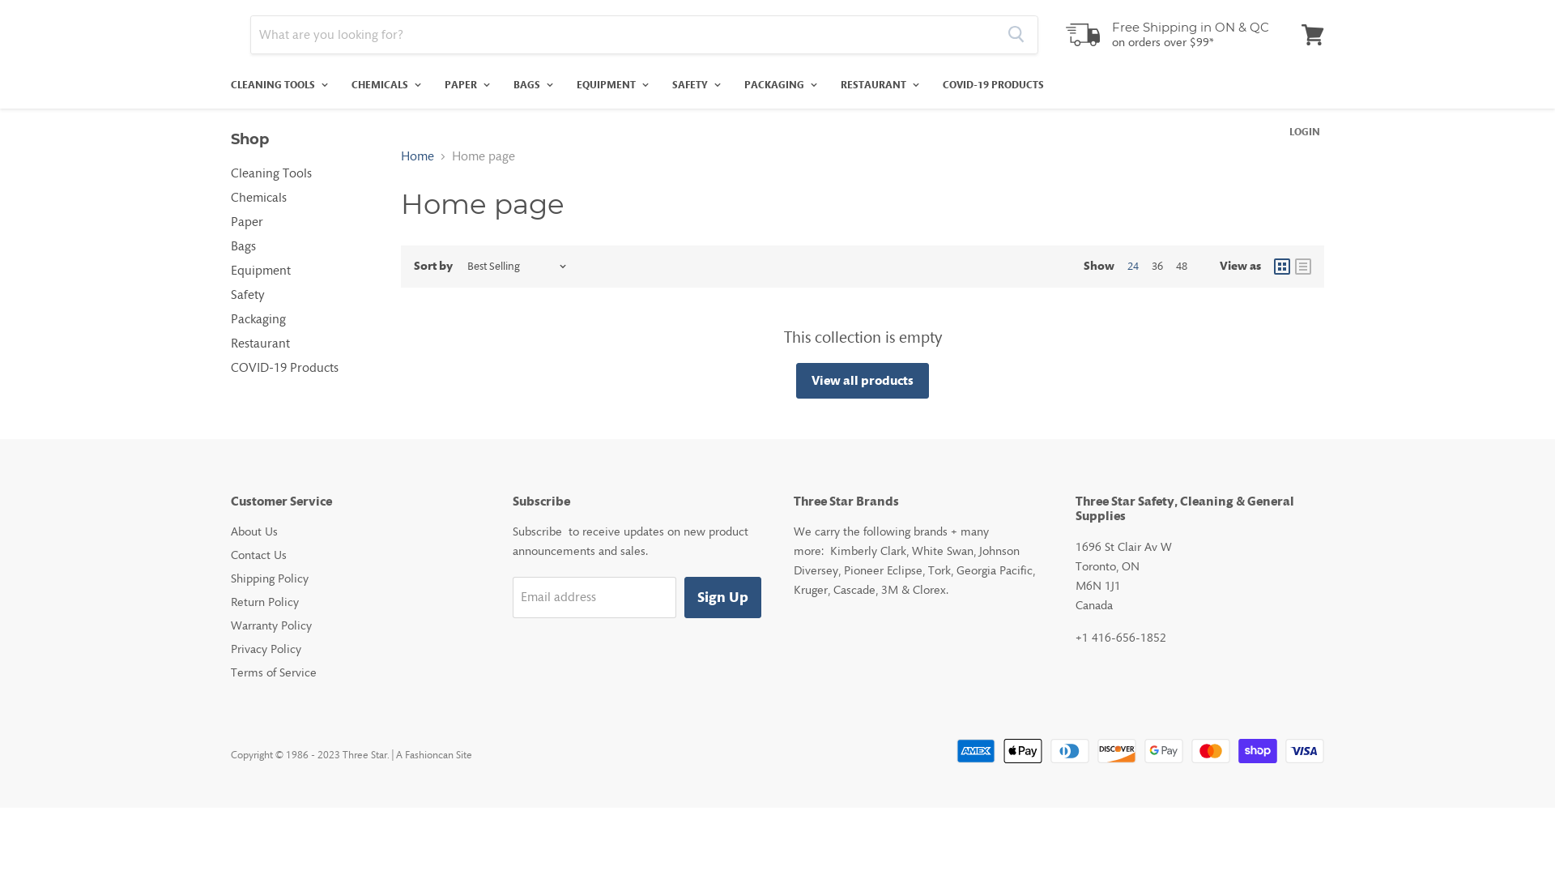  What do you see at coordinates (1313, 34) in the screenshot?
I see `'View cart'` at bounding box center [1313, 34].